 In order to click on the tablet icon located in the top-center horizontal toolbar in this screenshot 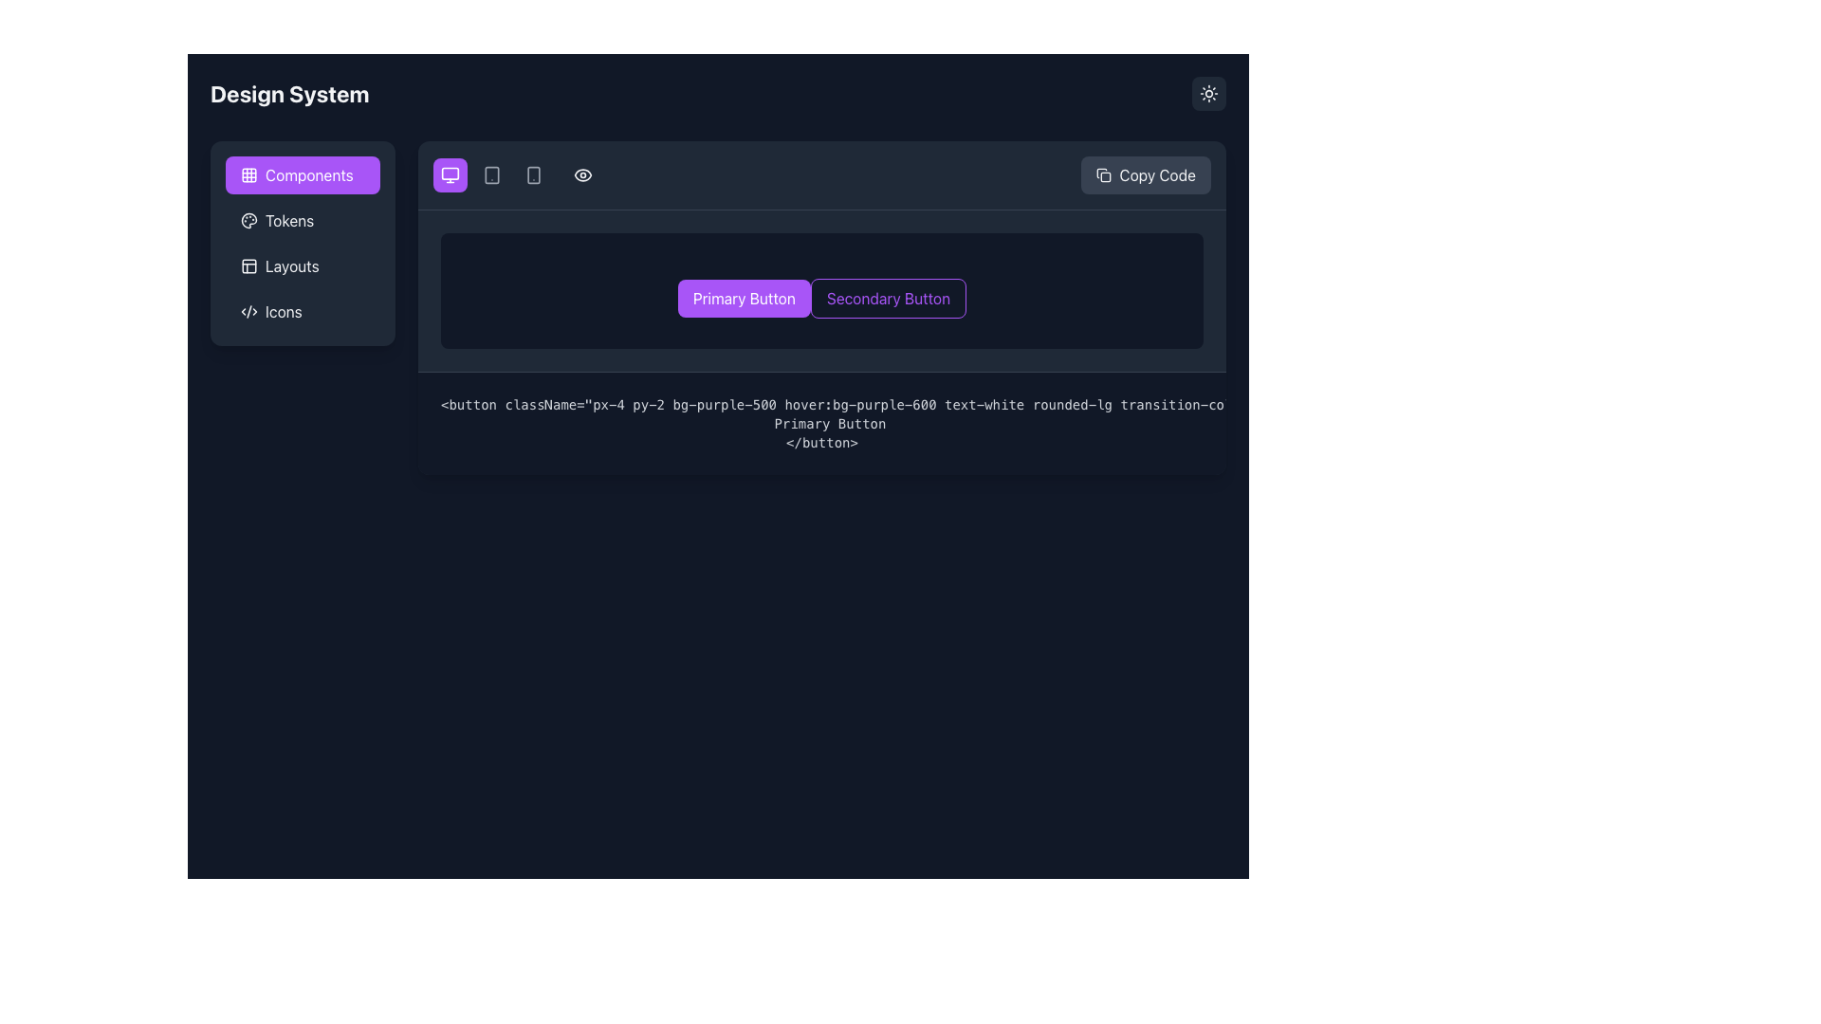, I will do `click(491, 175)`.